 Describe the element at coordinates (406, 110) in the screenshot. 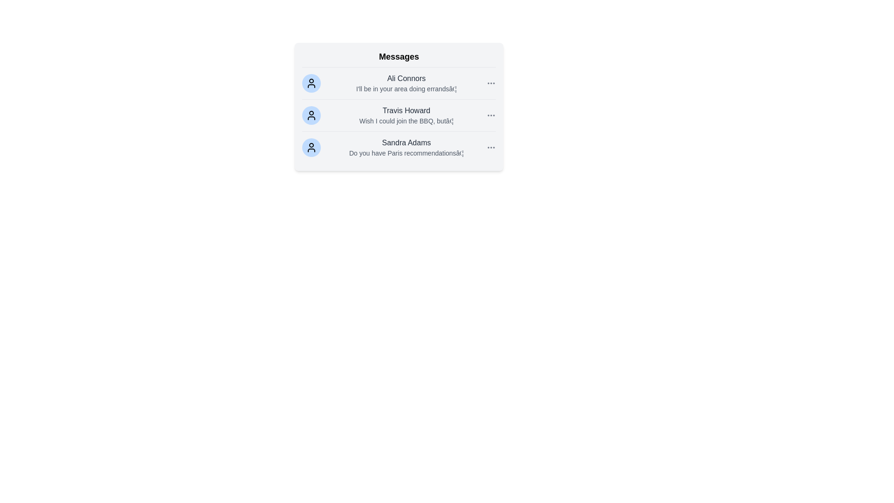

I see `text label displaying the name 'Travis Howard', which is located in the center of the layout's middle section above the message preview text` at that location.